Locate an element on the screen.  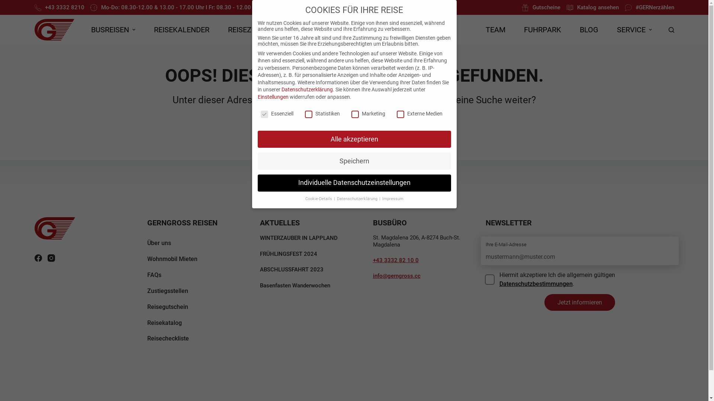
'TEAM' is located at coordinates (495, 29).